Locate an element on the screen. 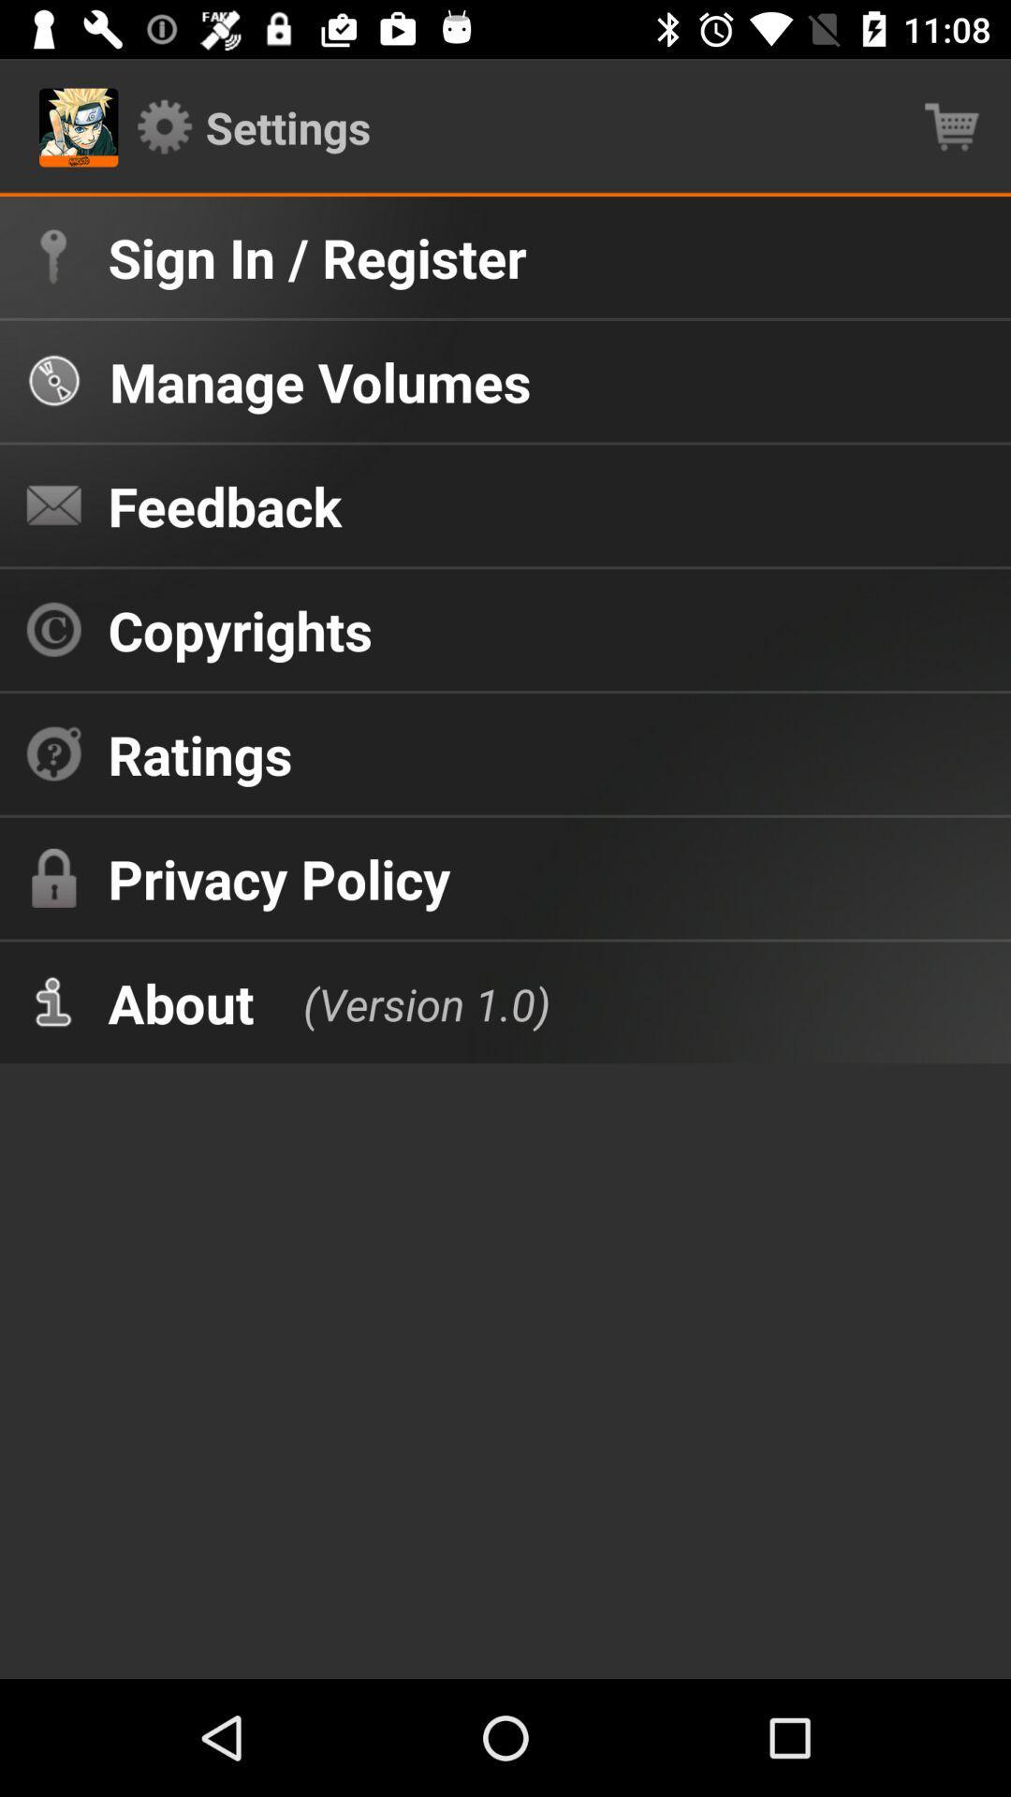  item below privacy policy item is located at coordinates (181, 1001).